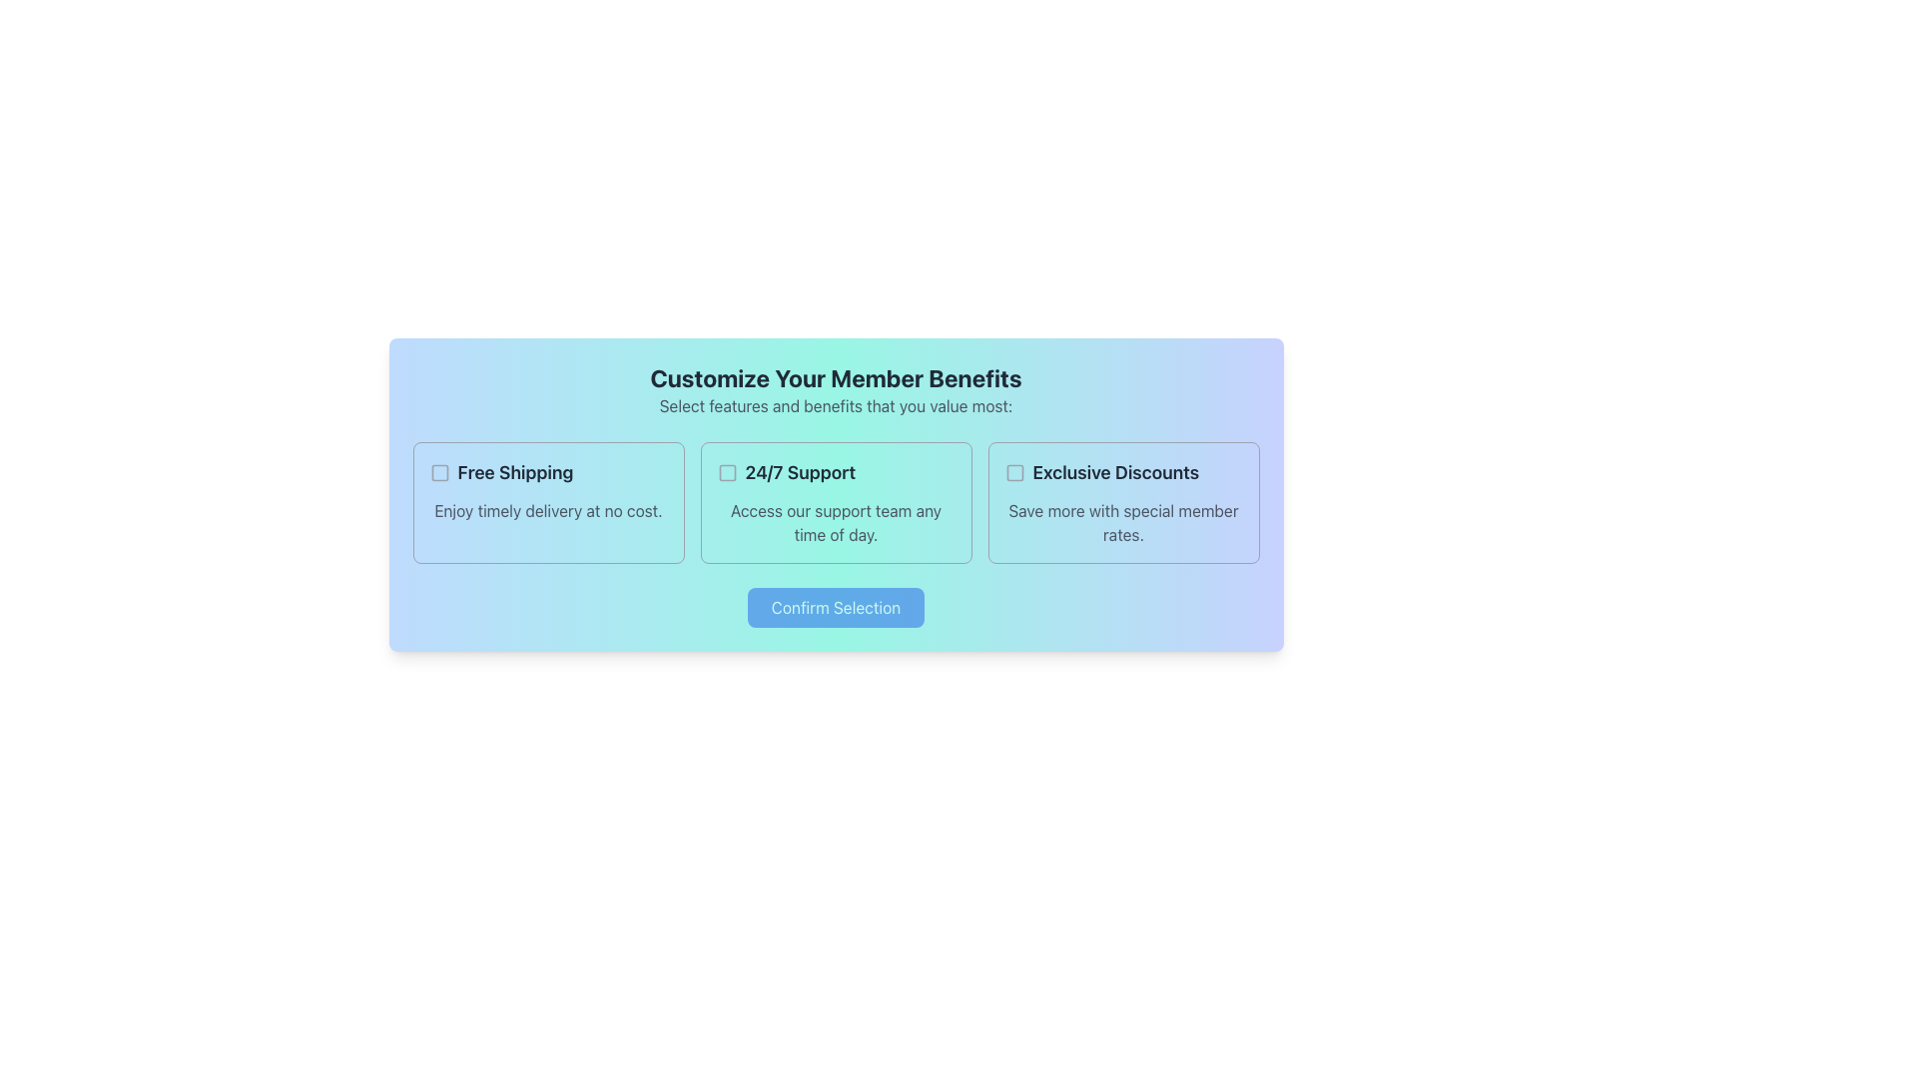  Describe the element at coordinates (836, 502) in the screenshot. I see `description of the '24/7 Support' selectable card, which features a checkbox, a bold title, and smaller text, positioned in the middle column of a 3-column grid layout` at that location.